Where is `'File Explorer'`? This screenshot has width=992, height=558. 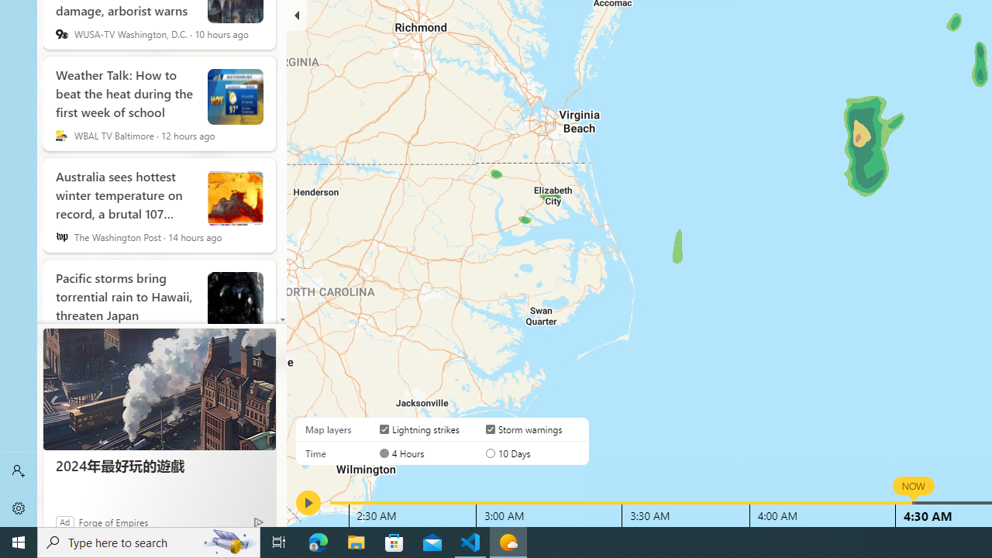 'File Explorer' is located at coordinates (356, 541).